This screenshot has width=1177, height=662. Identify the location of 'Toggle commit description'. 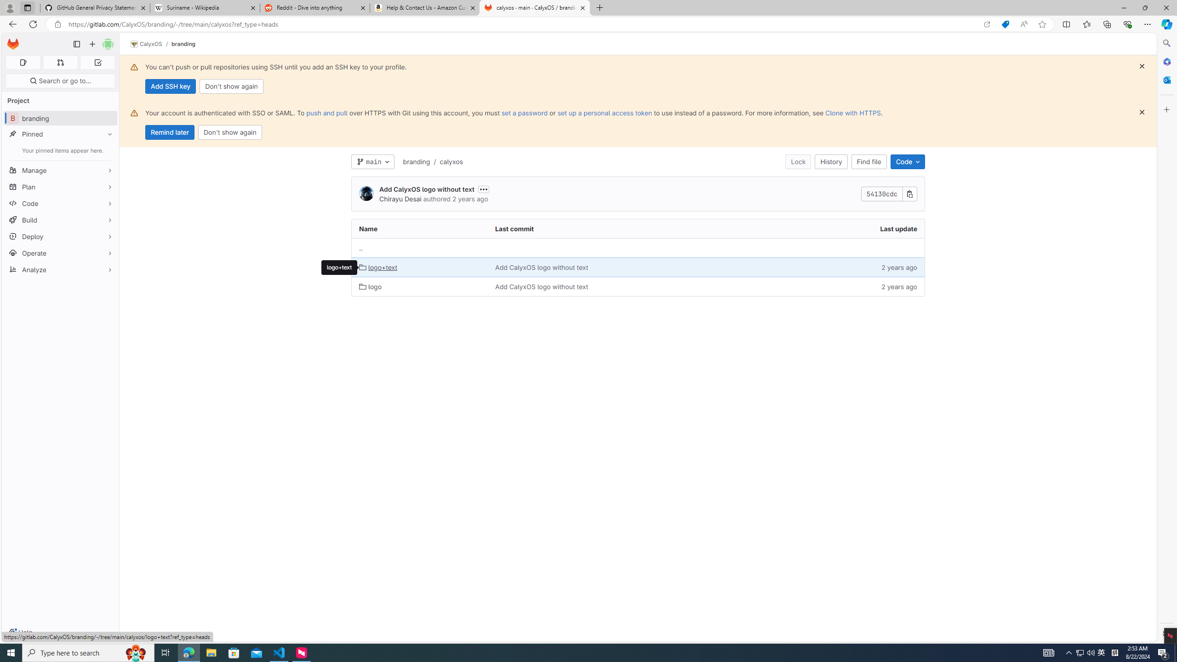
(483, 188).